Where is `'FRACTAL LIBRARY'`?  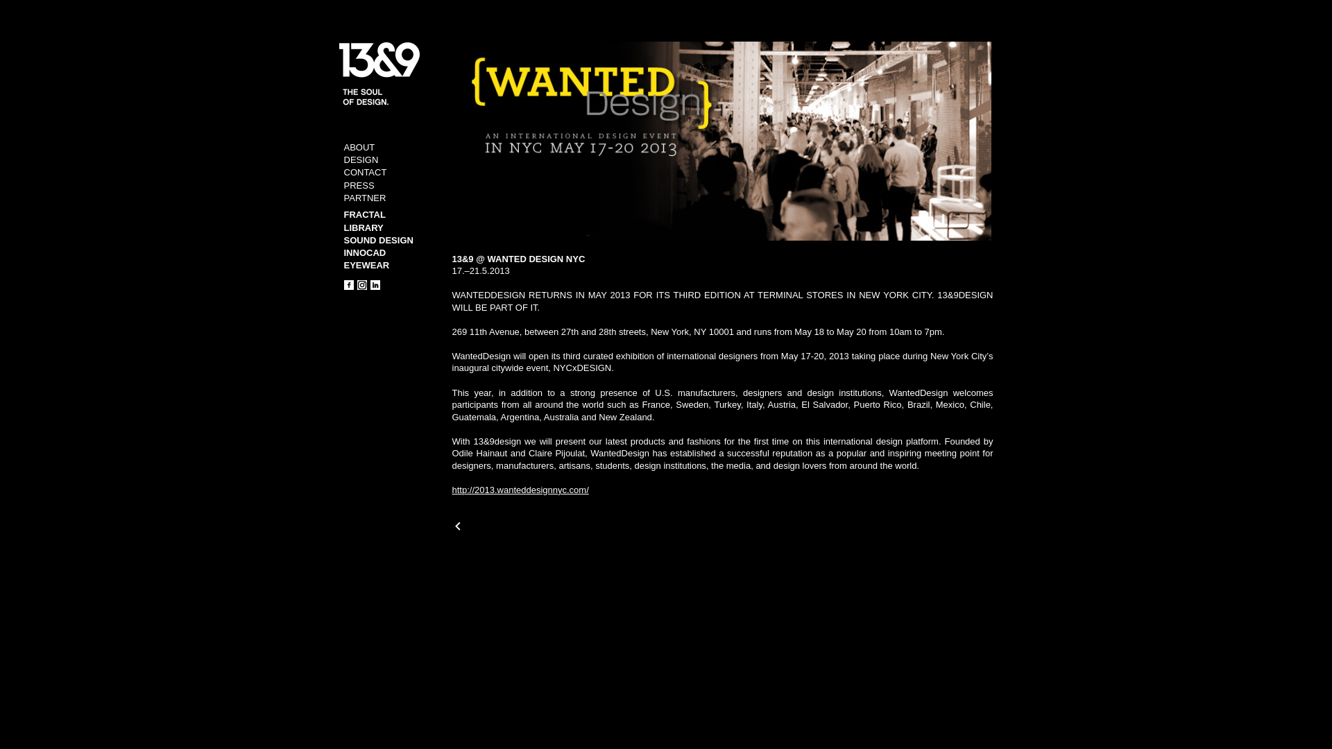
'FRACTAL LIBRARY' is located at coordinates (365, 220).